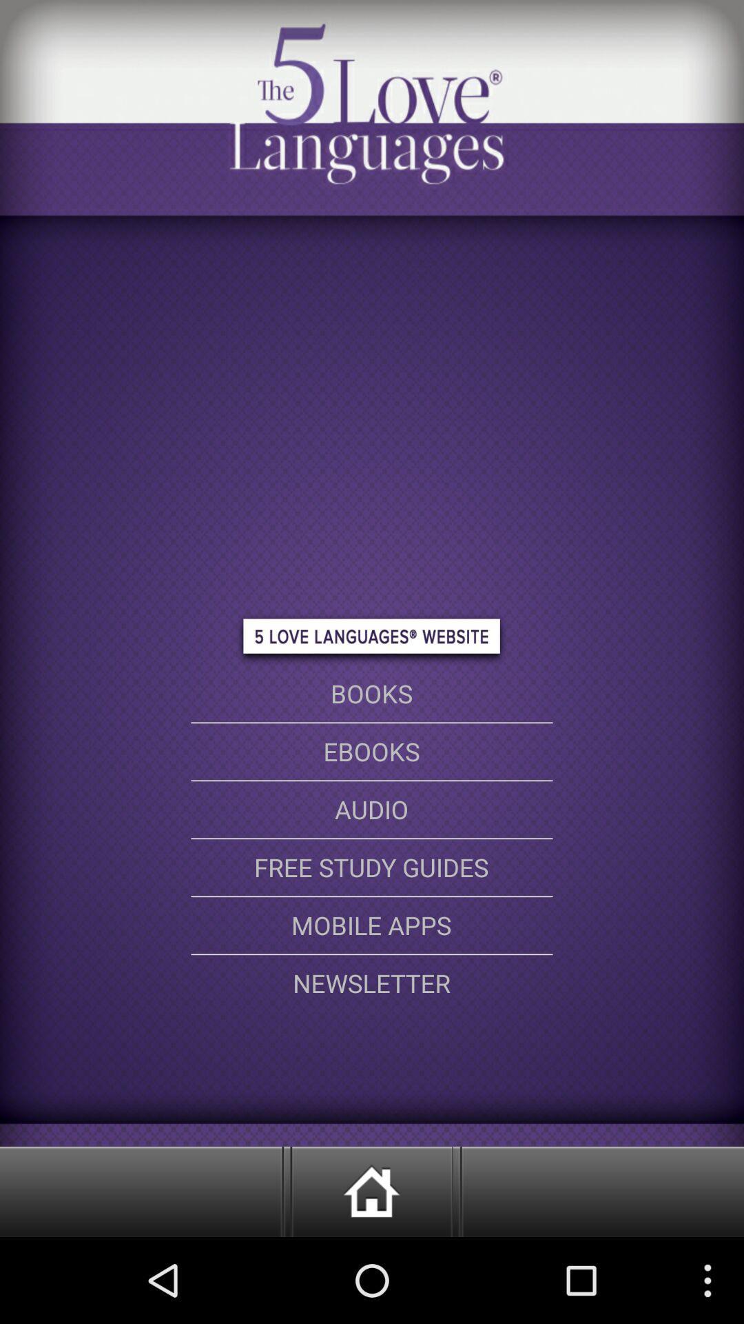  Describe the element at coordinates (372, 694) in the screenshot. I see `books` at that location.